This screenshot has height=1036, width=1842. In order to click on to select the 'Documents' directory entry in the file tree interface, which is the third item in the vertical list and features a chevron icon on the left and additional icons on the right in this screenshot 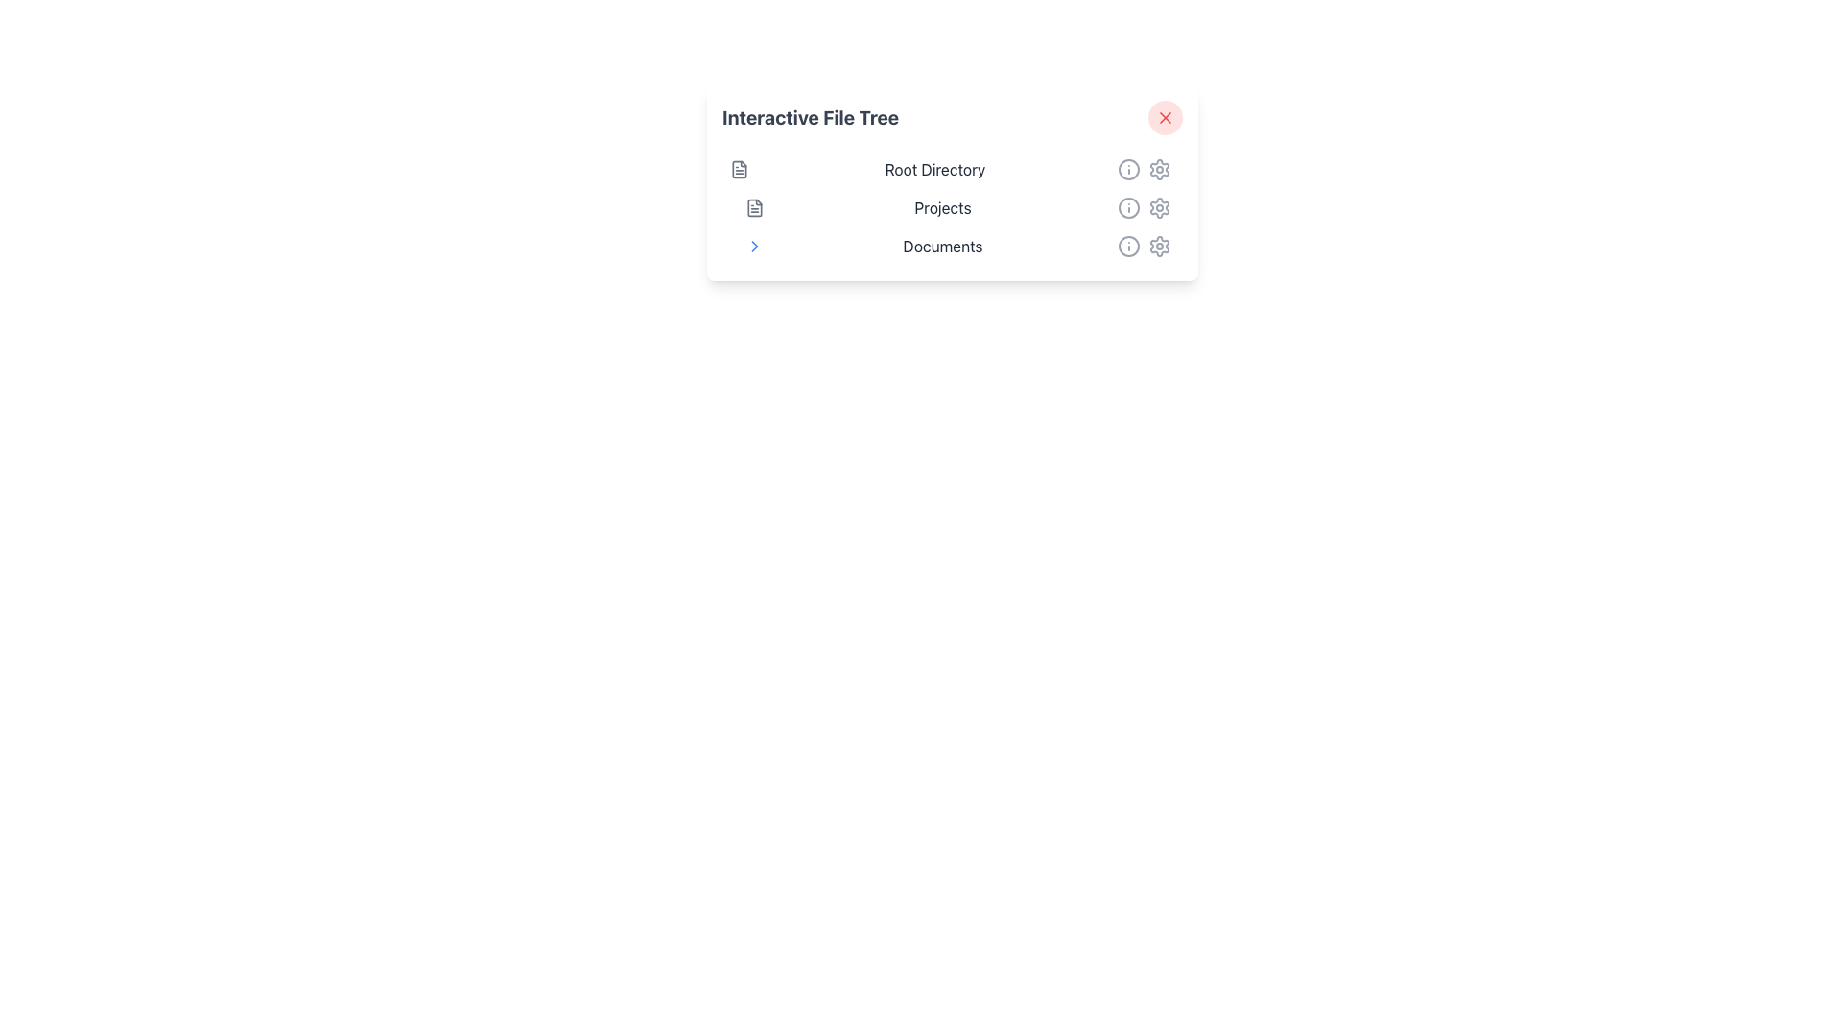, I will do `click(960, 246)`.